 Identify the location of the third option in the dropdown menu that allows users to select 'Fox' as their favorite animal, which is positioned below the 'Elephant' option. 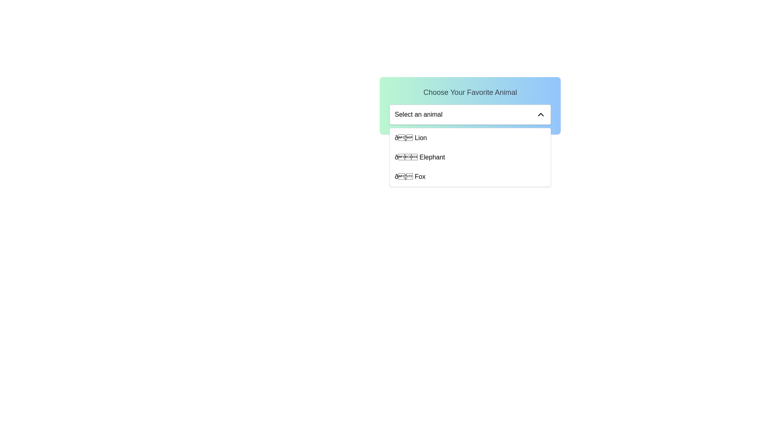
(470, 176).